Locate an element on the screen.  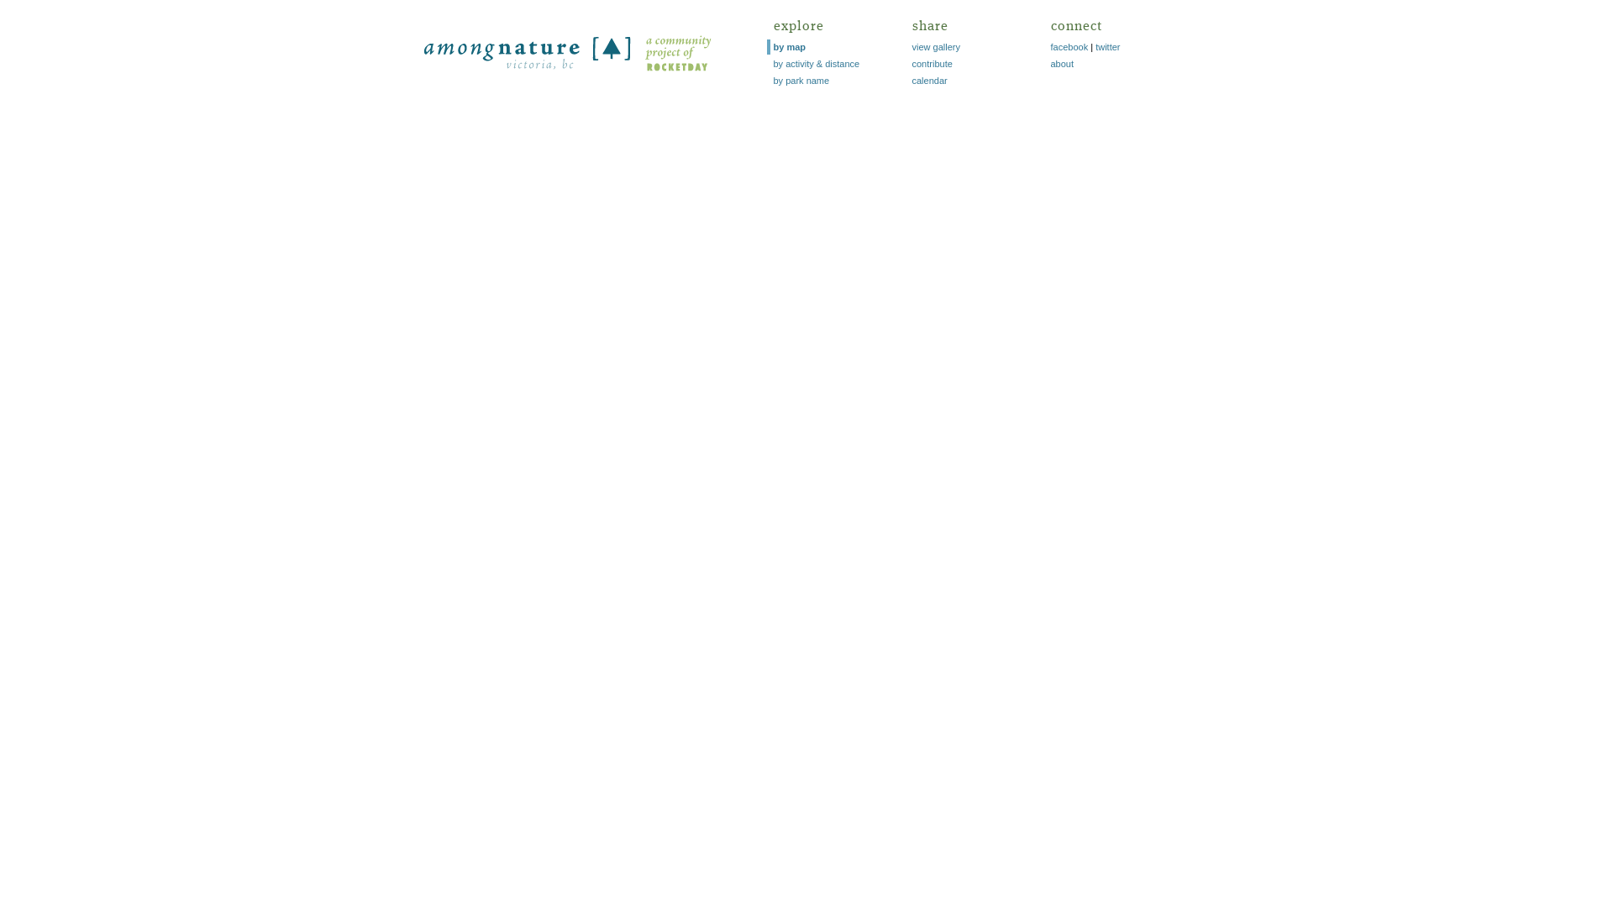
'facebook' is located at coordinates (1068, 46).